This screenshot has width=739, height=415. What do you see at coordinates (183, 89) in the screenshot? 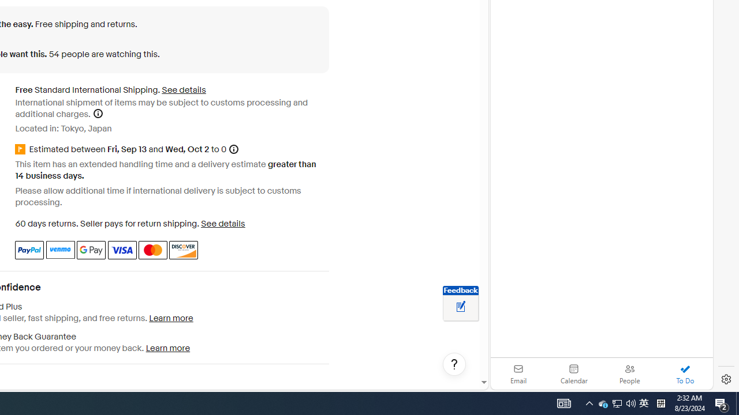
I see `'See details for shipping'` at bounding box center [183, 89].